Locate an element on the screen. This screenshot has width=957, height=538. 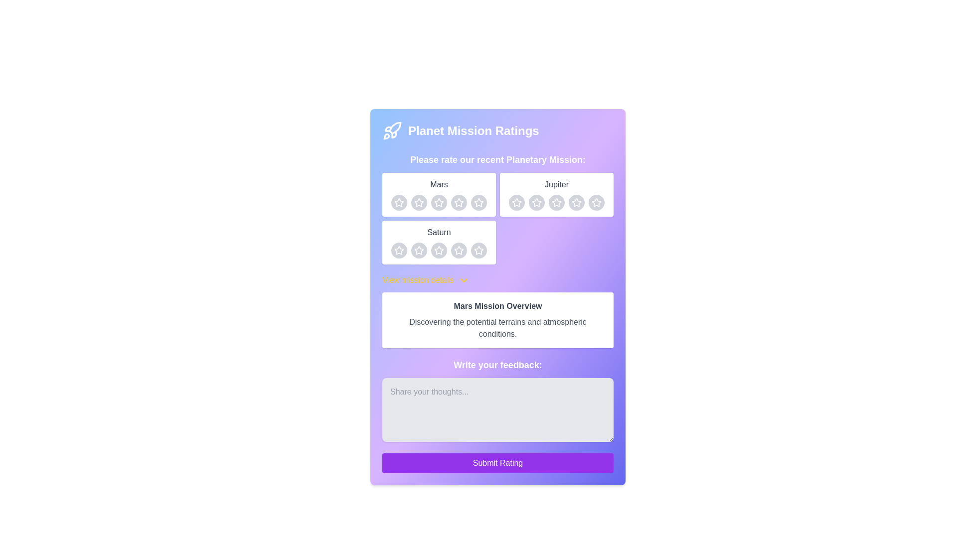
the third star is located at coordinates (535, 202).